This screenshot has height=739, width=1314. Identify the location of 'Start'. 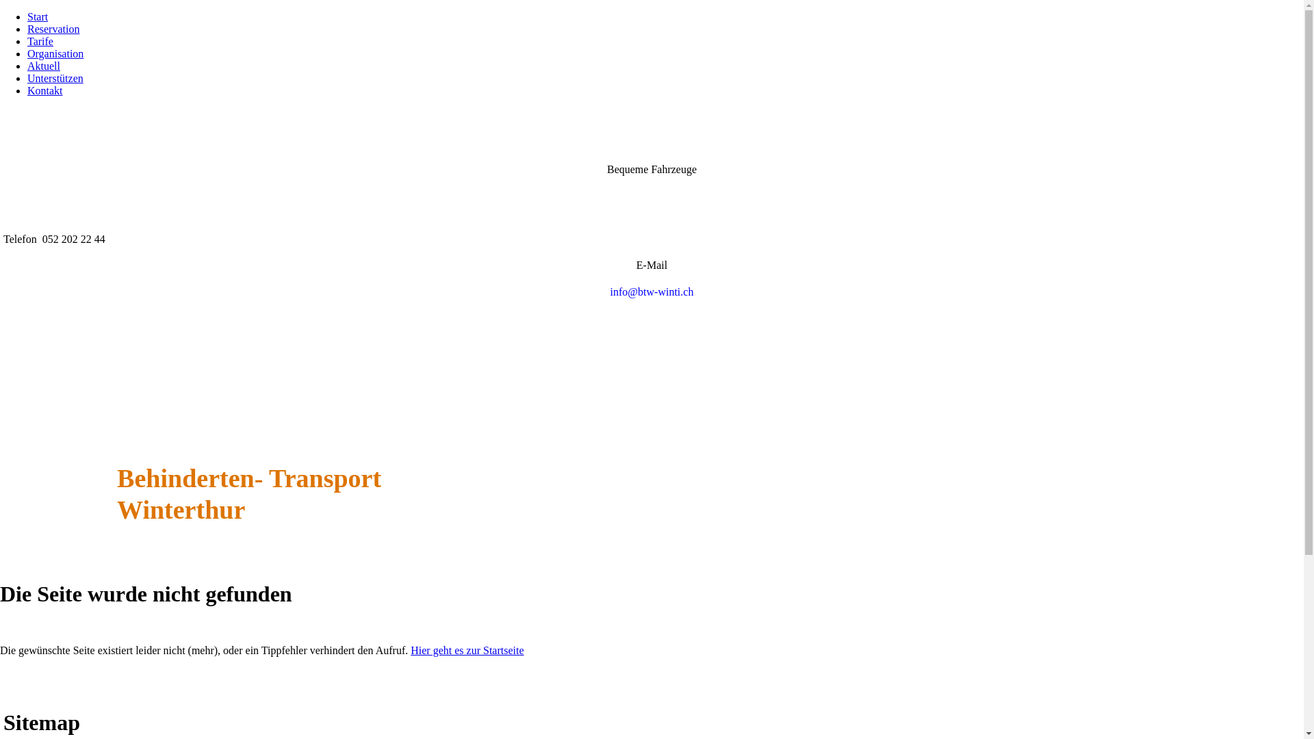
(37, 16).